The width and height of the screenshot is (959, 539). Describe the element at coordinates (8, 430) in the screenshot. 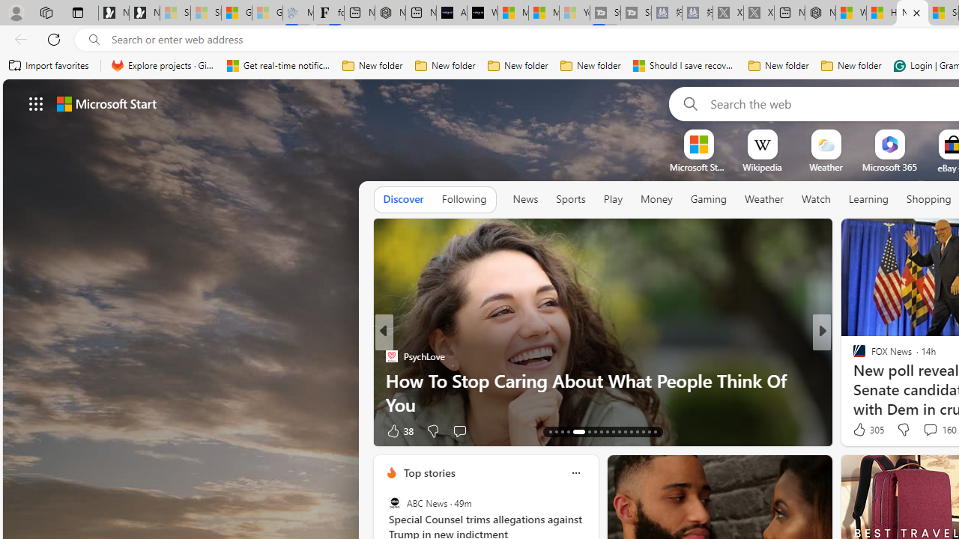

I see `'View comments 61 Comment'` at that location.